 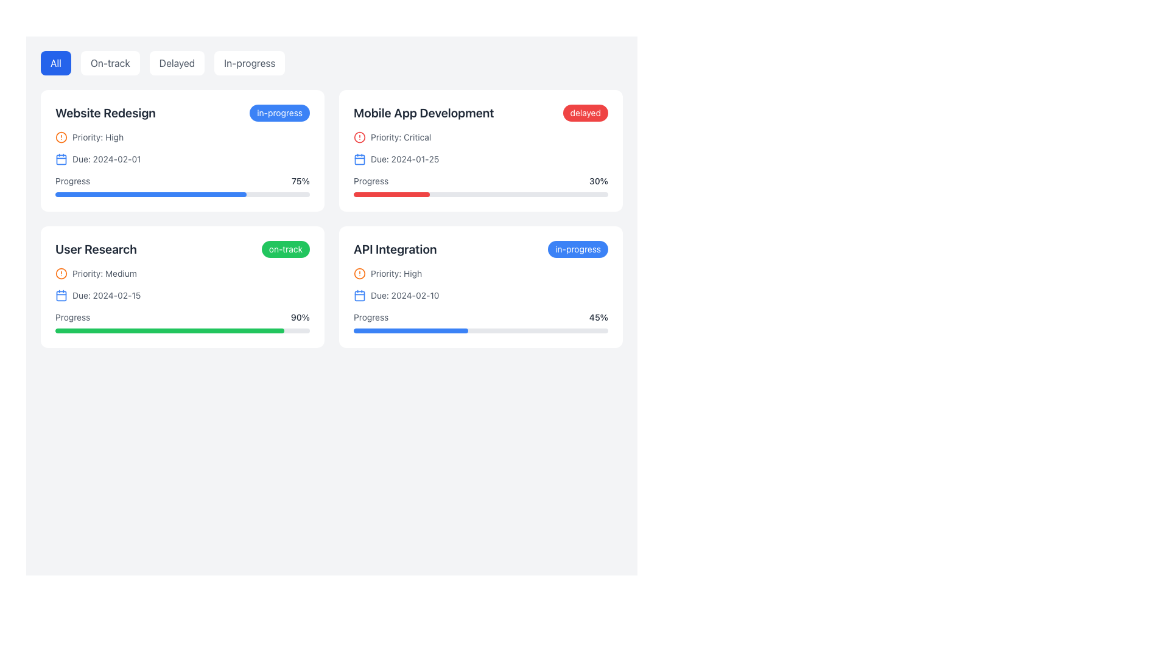 What do you see at coordinates (181, 248) in the screenshot?
I see `the 'User Research' text and 'on-track' status badge in the top-left area of the second card in the grid layout` at bounding box center [181, 248].